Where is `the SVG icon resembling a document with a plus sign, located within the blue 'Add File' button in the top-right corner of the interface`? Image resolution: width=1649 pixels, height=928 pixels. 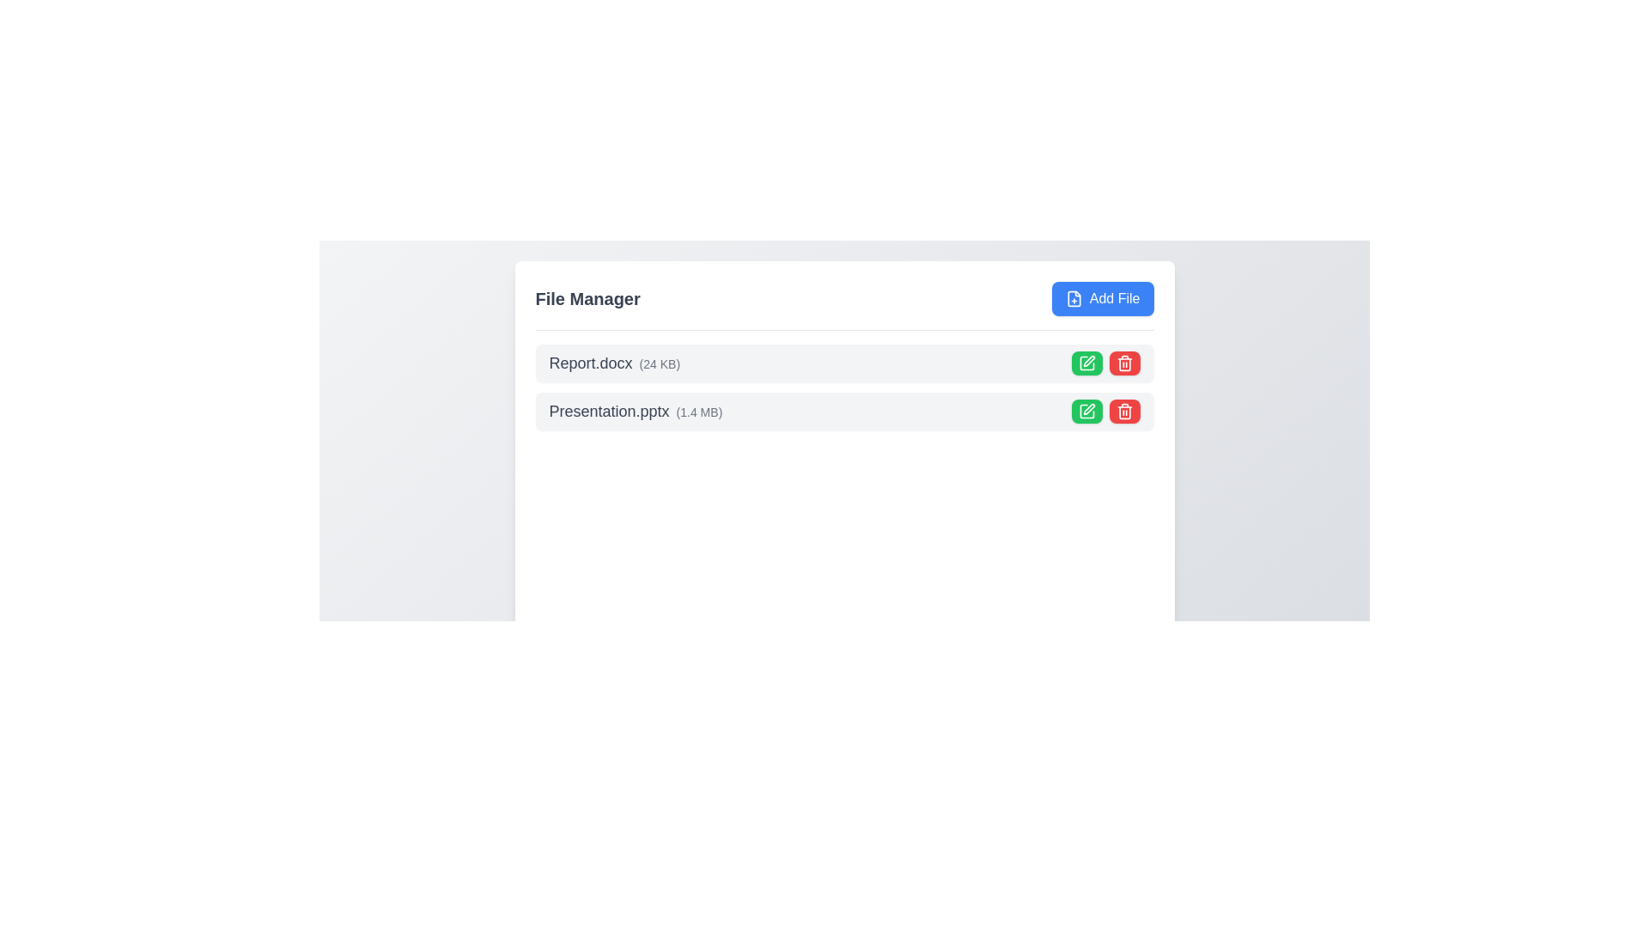 the SVG icon resembling a document with a plus sign, located within the blue 'Add File' button in the top-right corner of the interface is located at coordinates (1073, 297).